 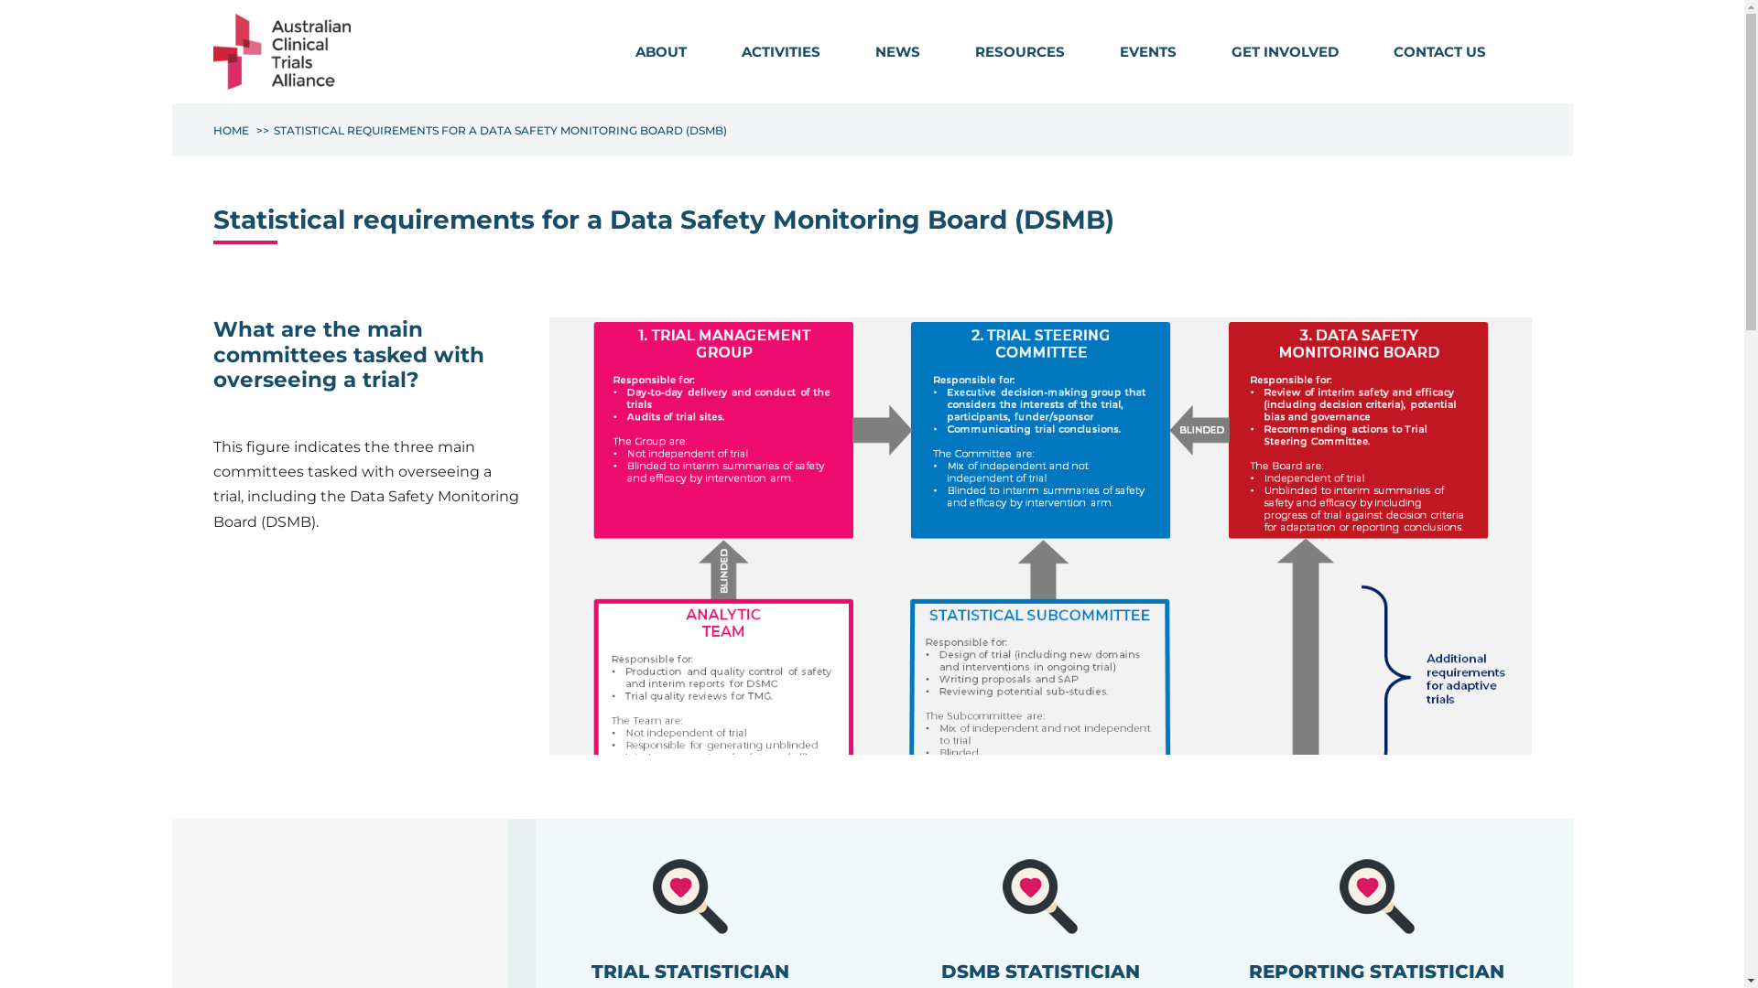 What do you see at coordinates (781, 51) in the screenshot?
I see `'ACTIVITIES'` at bounding box center [781, 51].